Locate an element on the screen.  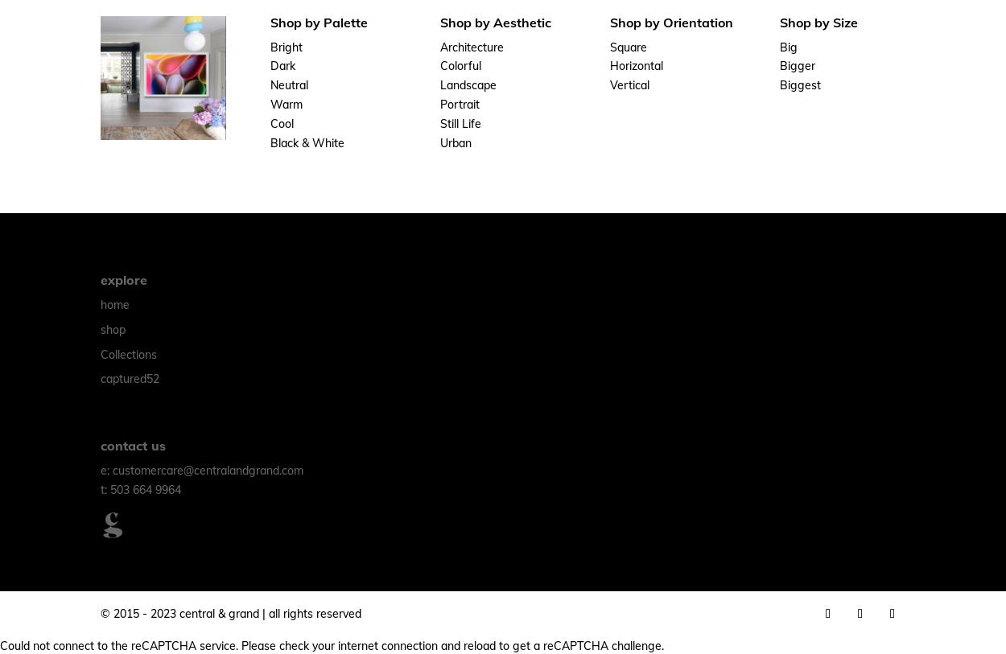
'home' is located at coordinates (115, 304).